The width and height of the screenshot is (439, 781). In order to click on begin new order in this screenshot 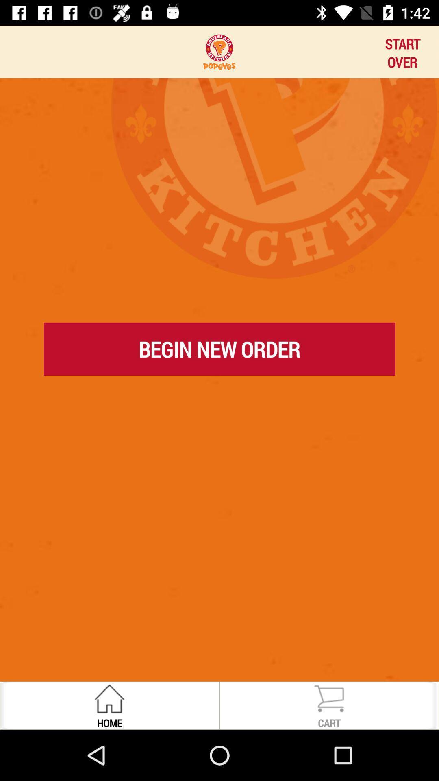, I will do `click(219, 349)`.